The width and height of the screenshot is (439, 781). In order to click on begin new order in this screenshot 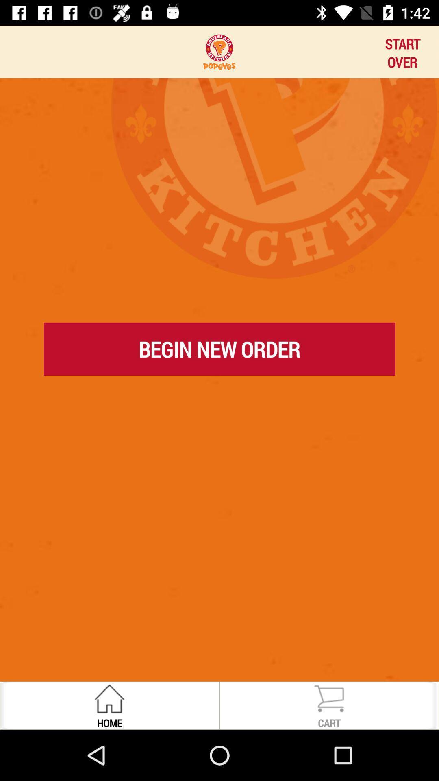, I will do `click(219, 349)`.